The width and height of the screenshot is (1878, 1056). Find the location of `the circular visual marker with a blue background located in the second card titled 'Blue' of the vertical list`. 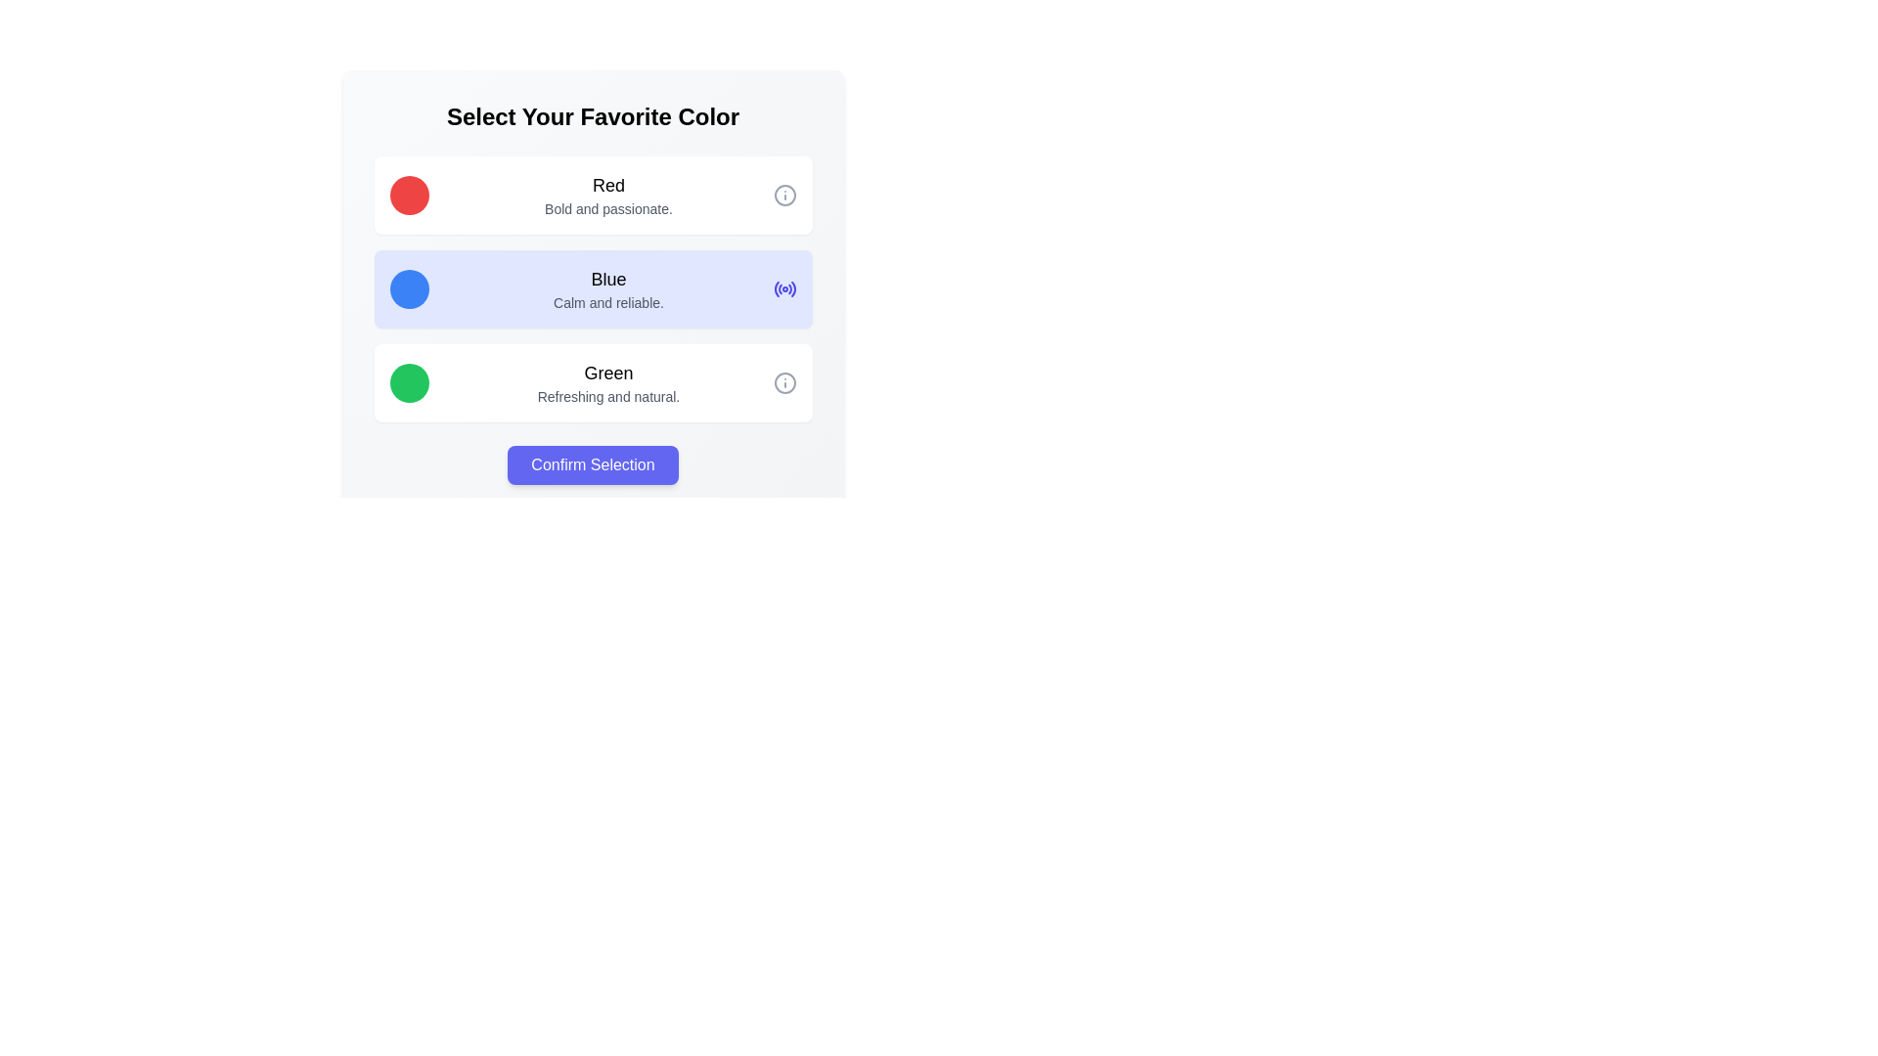

the circular visual marker with a blue background located in the second card titled 'Blue' of the vertical list is located at coordinates (408, 289).